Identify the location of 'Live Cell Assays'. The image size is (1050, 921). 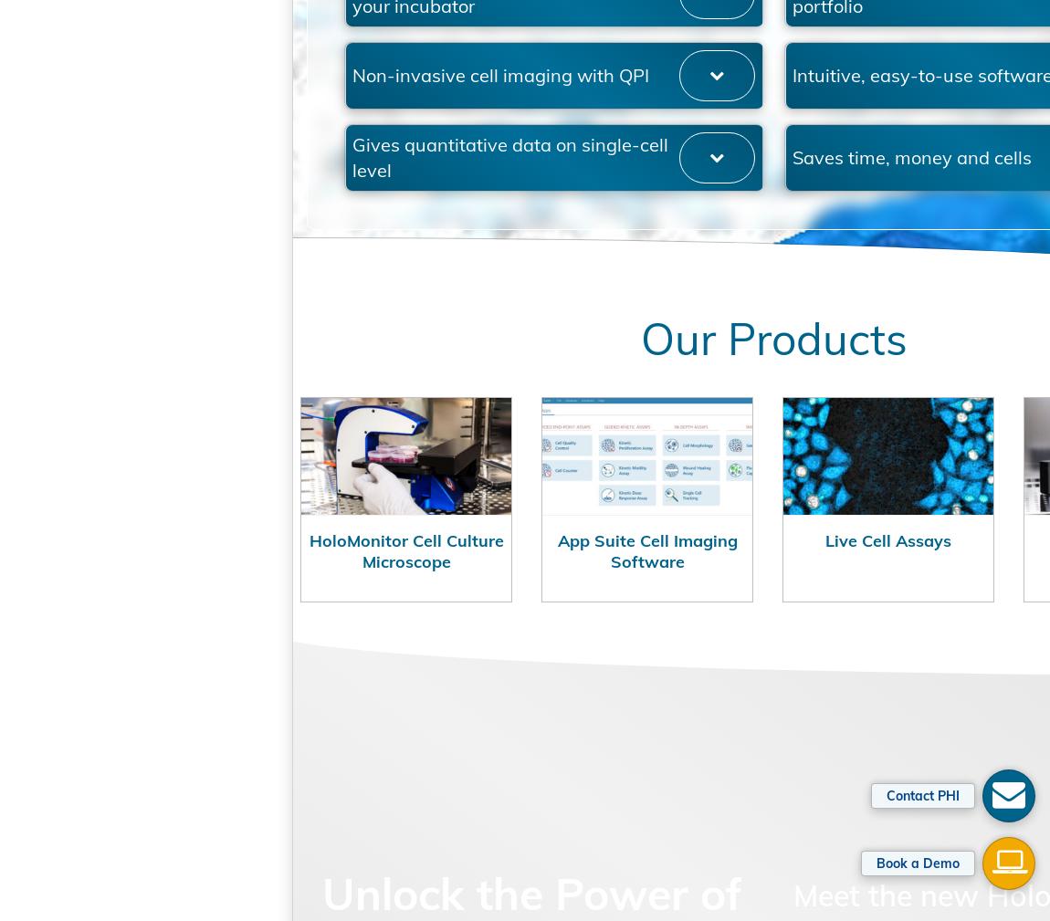
(766, 607).